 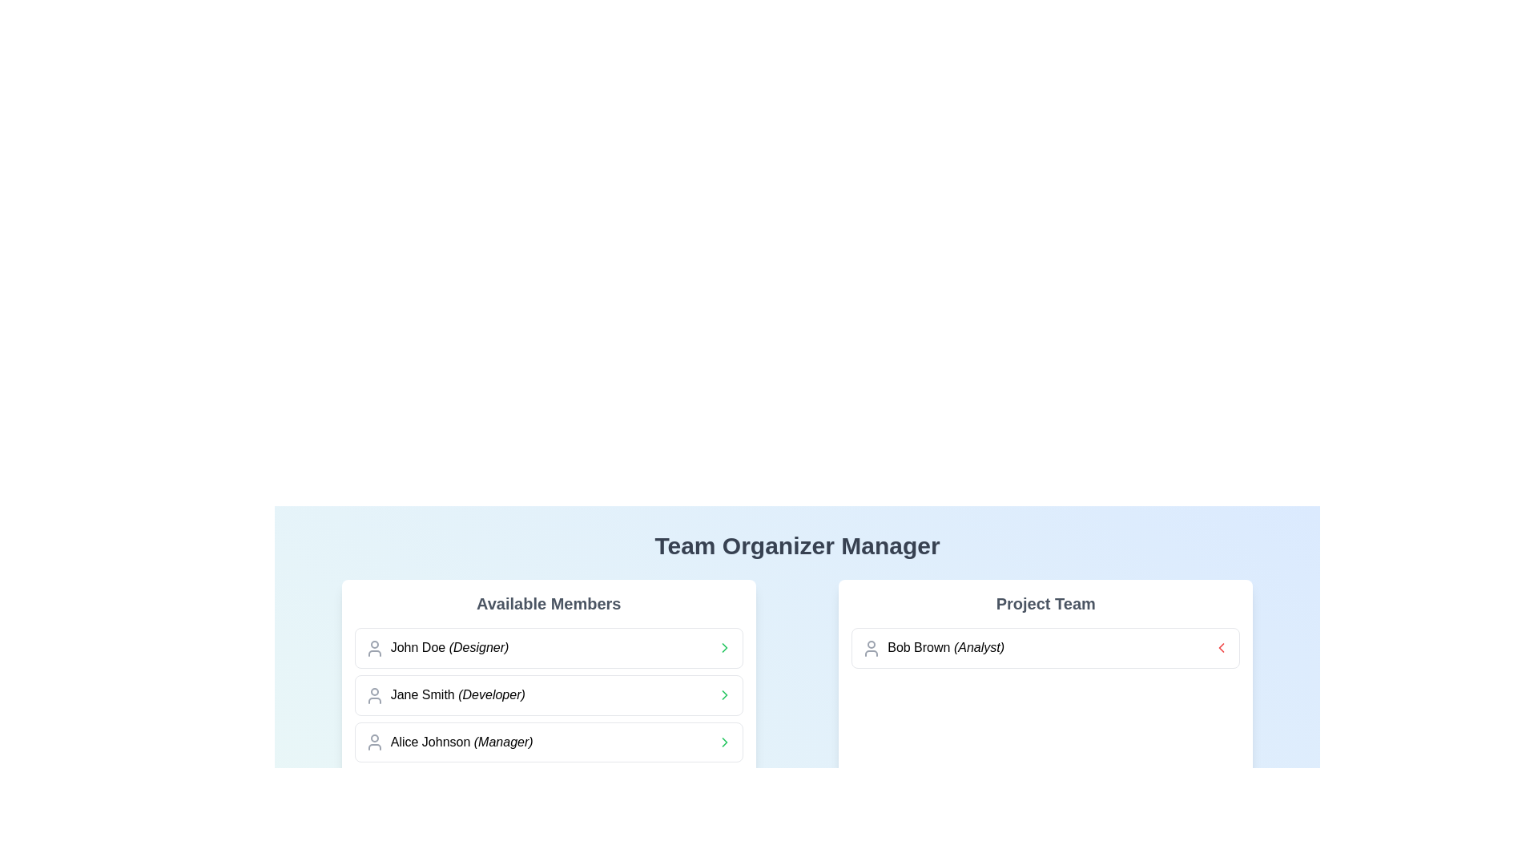 What do you see at coordinates (723, 647) in the screenshot?
I see `the rightward-pointing green chevron icon located at the far right end of the 'John Doe (Designer)' row` at bounding box center [723, 647].